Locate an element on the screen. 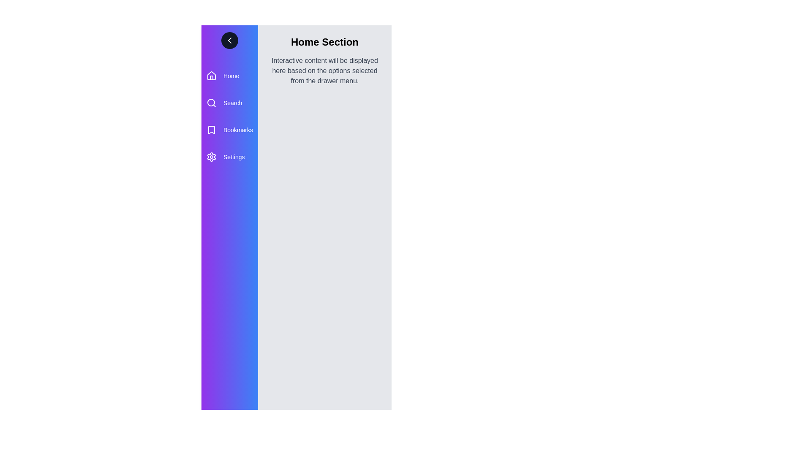 Image resolution: width=811 pixels, height=456 pixels. toggle button to change the drawer's state is located at coordinates (229, 41).